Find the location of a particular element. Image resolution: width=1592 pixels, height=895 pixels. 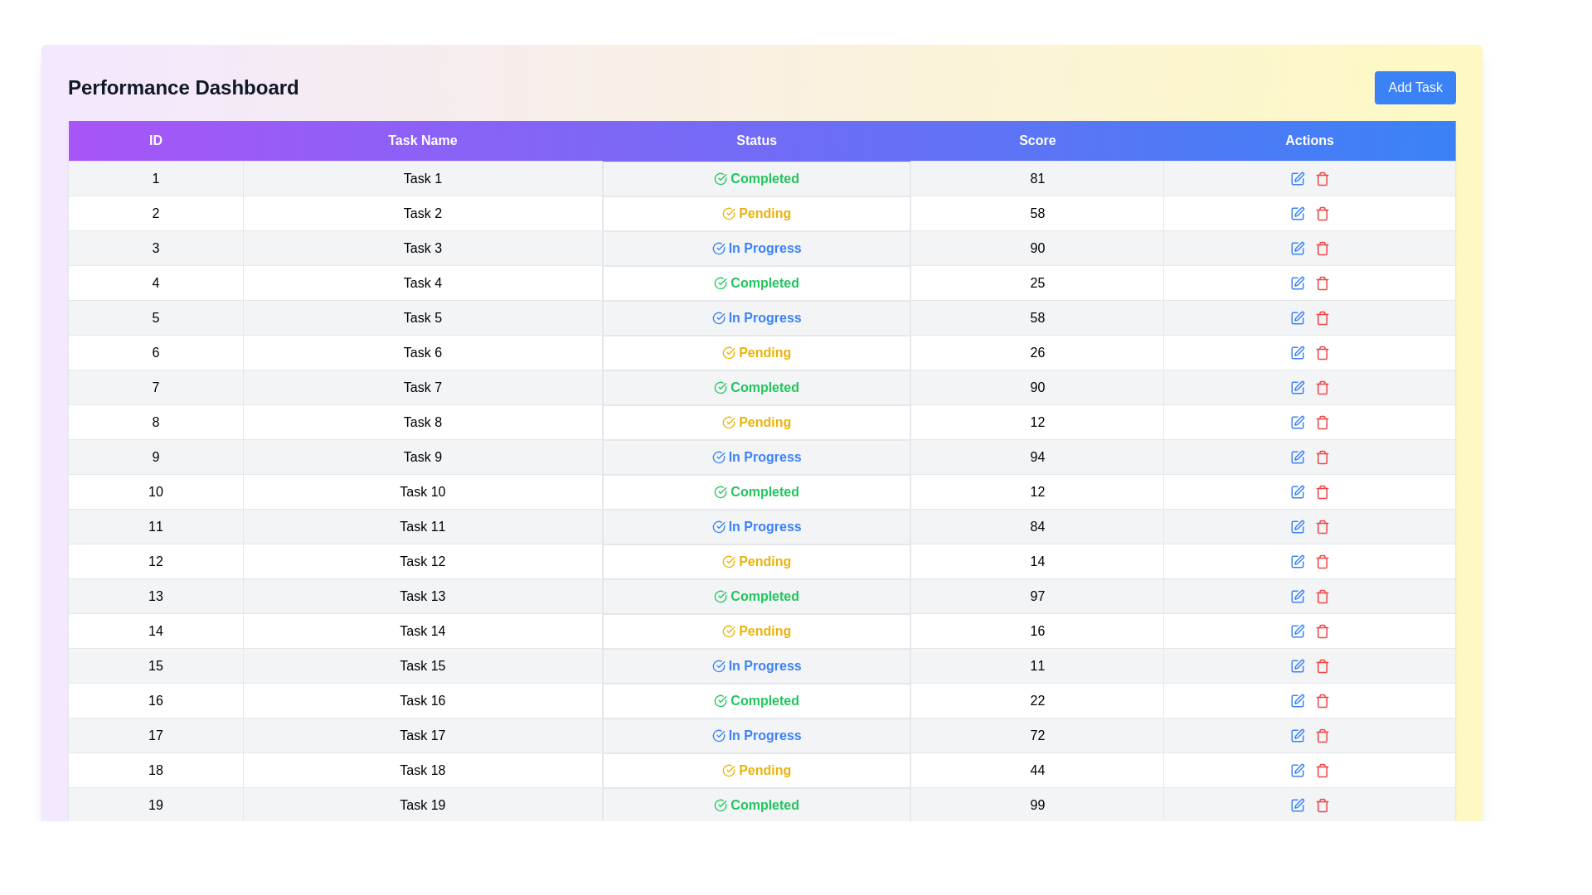

the 'Add Task' button to initiate the task addition process is located at coordinates (1415, 87).